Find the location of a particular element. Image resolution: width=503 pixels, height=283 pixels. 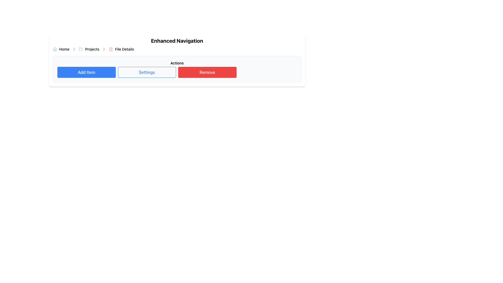

the small red file icon located between the 'Projects' and 'File Details' text labels in the breadcrumb navigation for accessibility navigation is located at coordinates (111, 49).